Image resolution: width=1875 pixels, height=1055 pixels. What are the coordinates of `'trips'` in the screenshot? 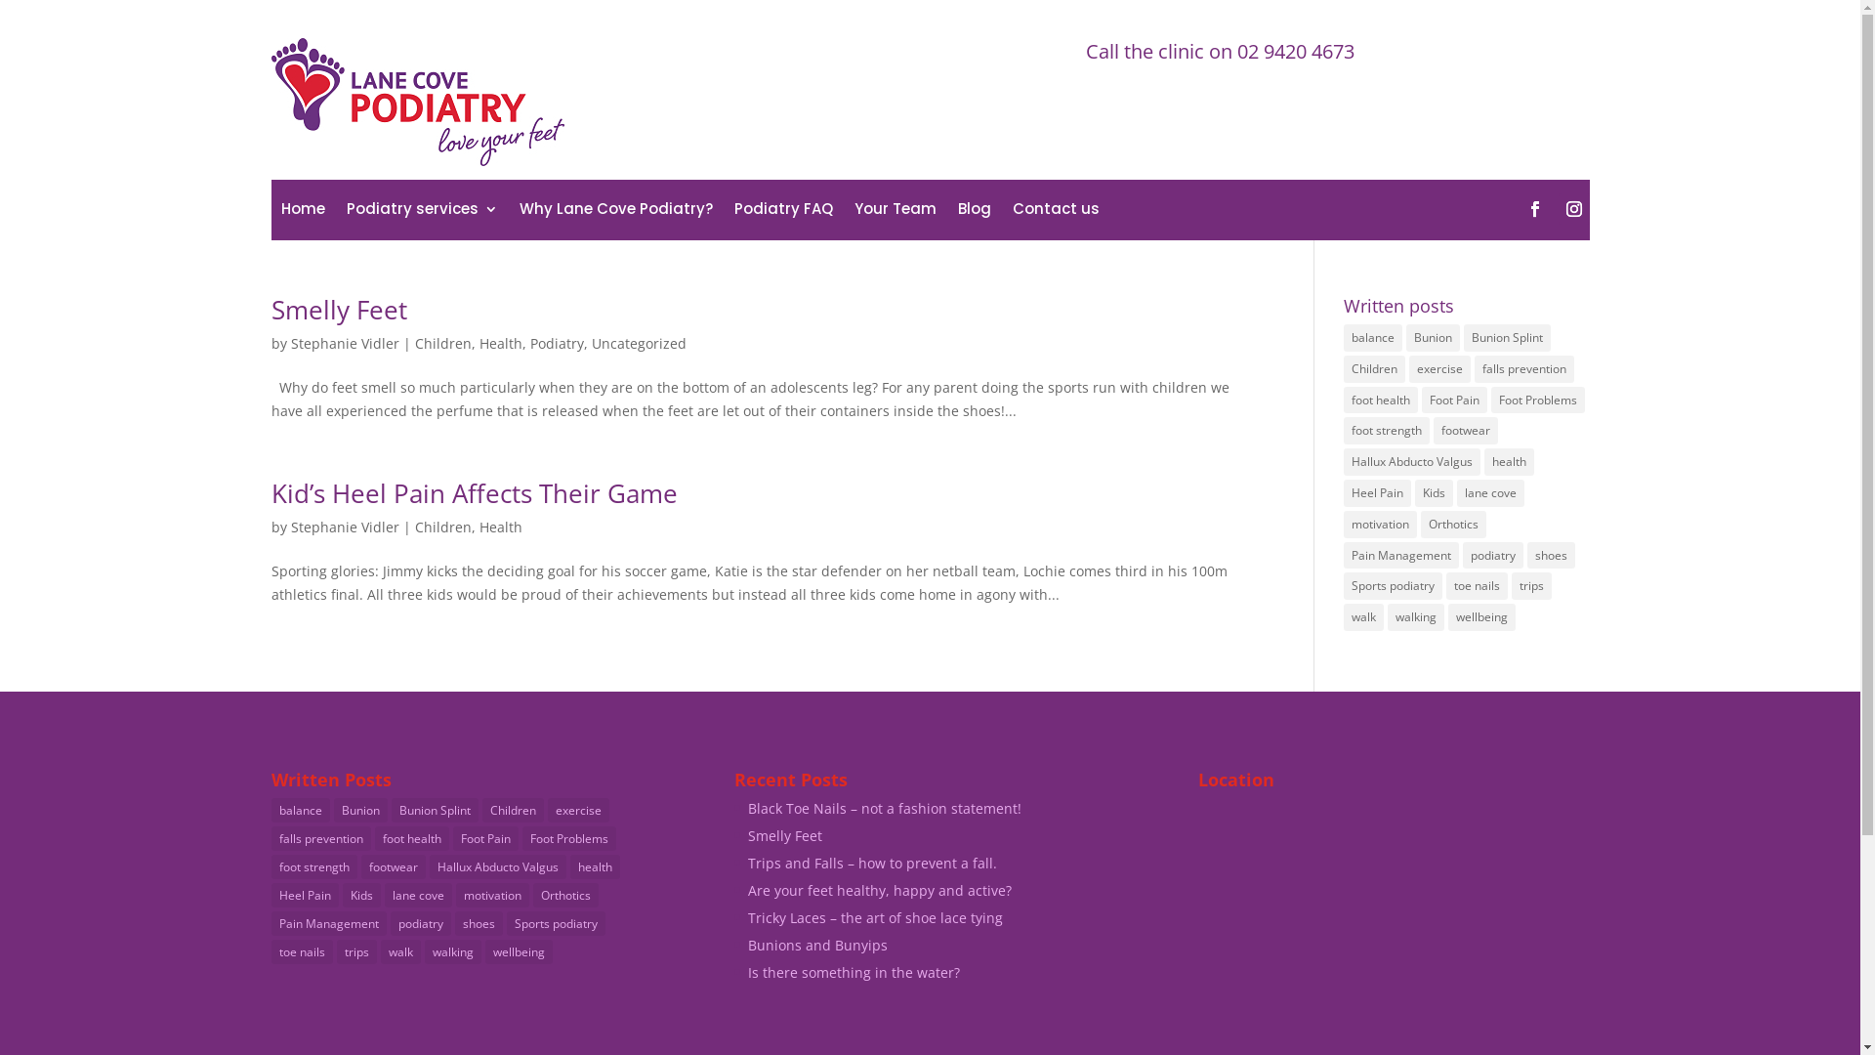 It's located at (355, 950).